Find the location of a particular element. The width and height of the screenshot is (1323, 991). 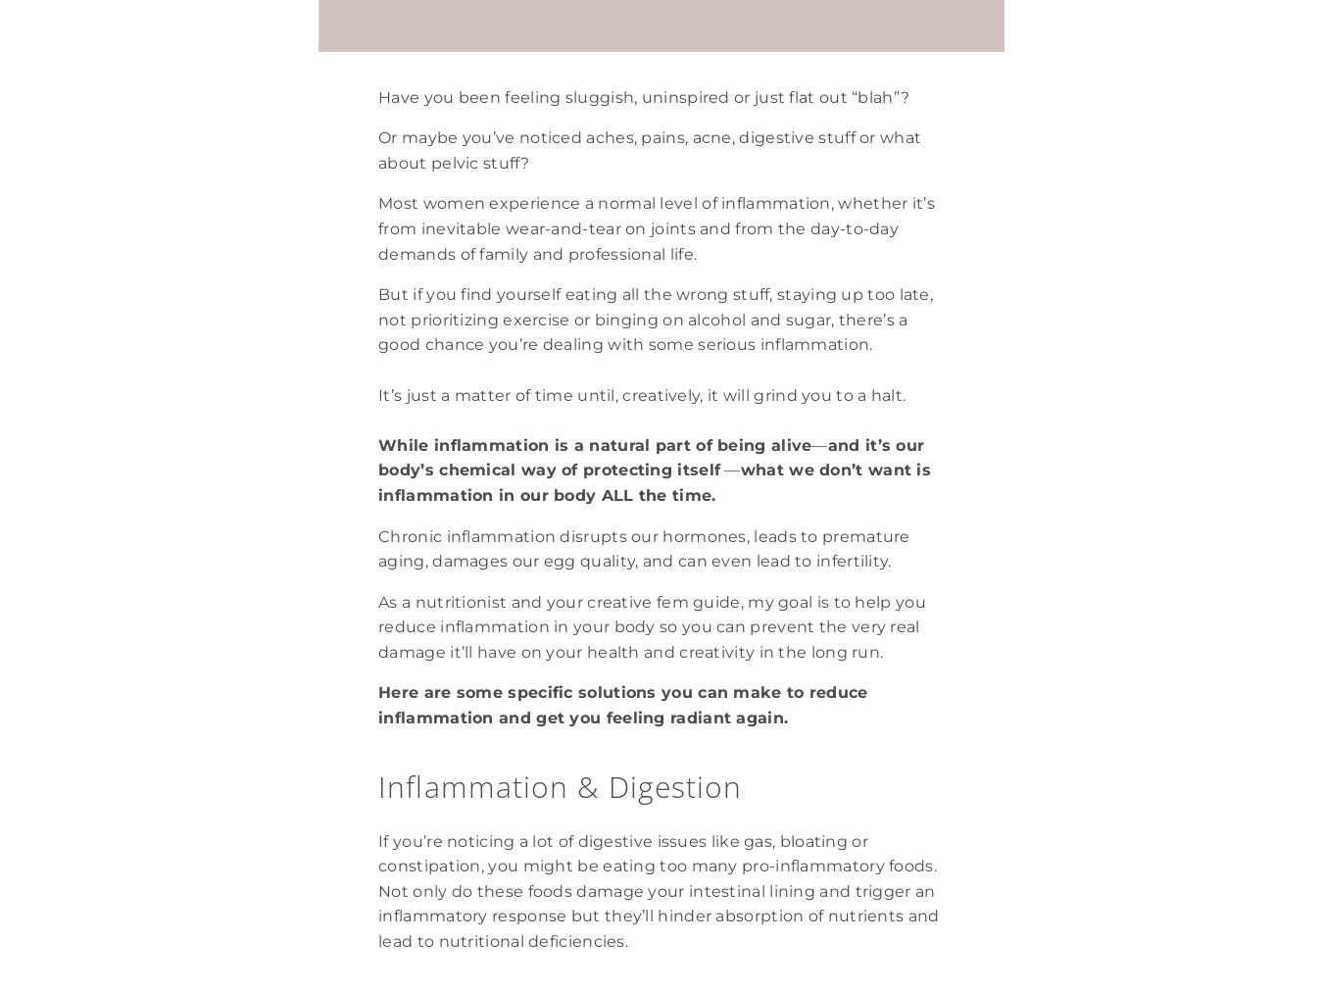

'what we don’t want is inflammation in our body ALL the time.' is located at coordinates (377, 480).